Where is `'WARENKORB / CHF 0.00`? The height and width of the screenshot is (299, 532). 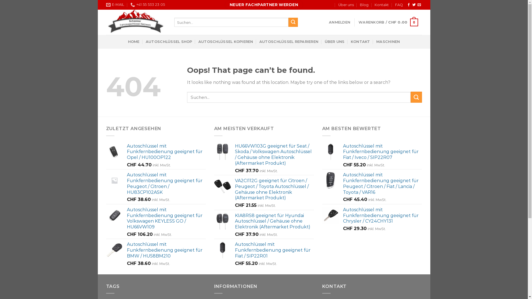
'WARENKORB / CHF 0.00 is located at coordinates (388, 22).